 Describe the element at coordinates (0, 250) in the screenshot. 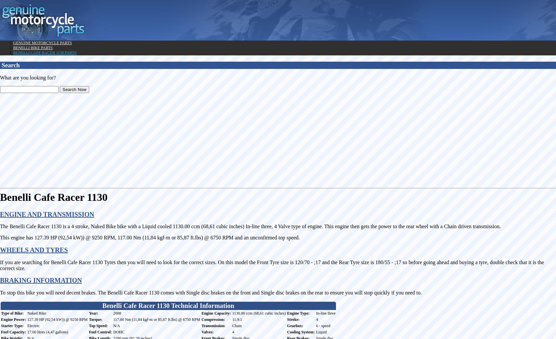

I see `'Wheels and Tyres'` at that location.